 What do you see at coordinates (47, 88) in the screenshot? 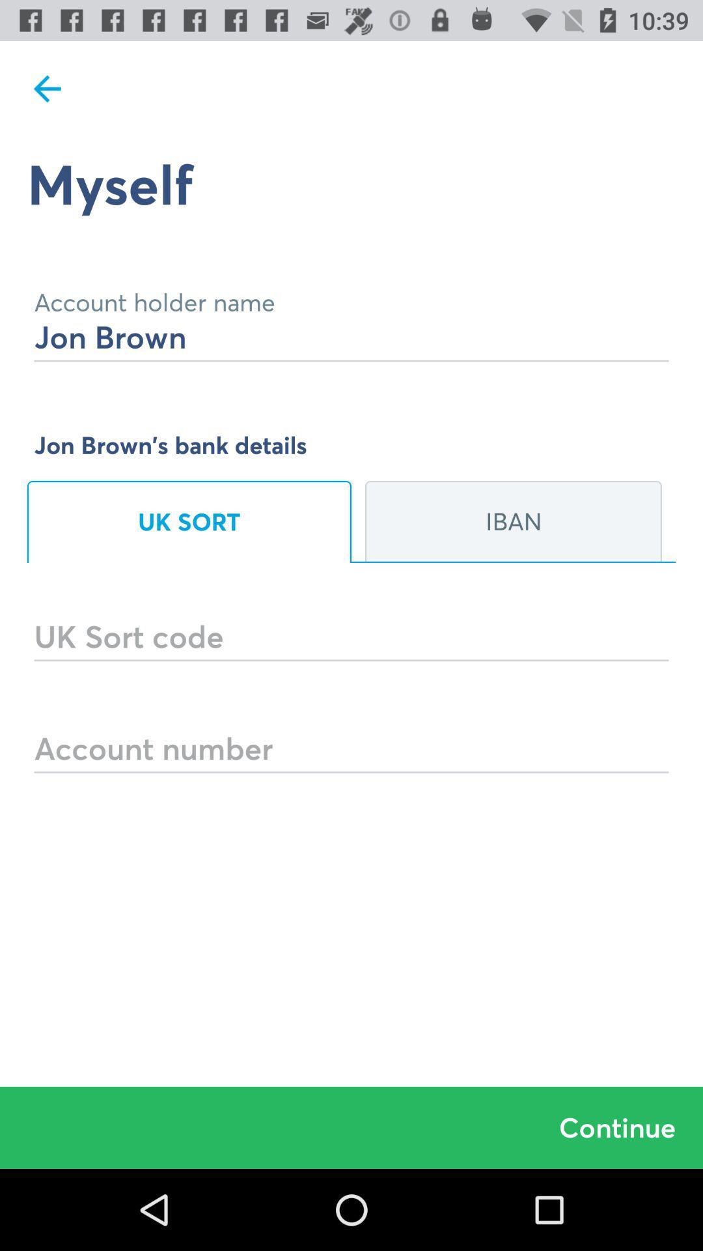
I see `the icon above the myself icon` at bounding box center [47, 88].